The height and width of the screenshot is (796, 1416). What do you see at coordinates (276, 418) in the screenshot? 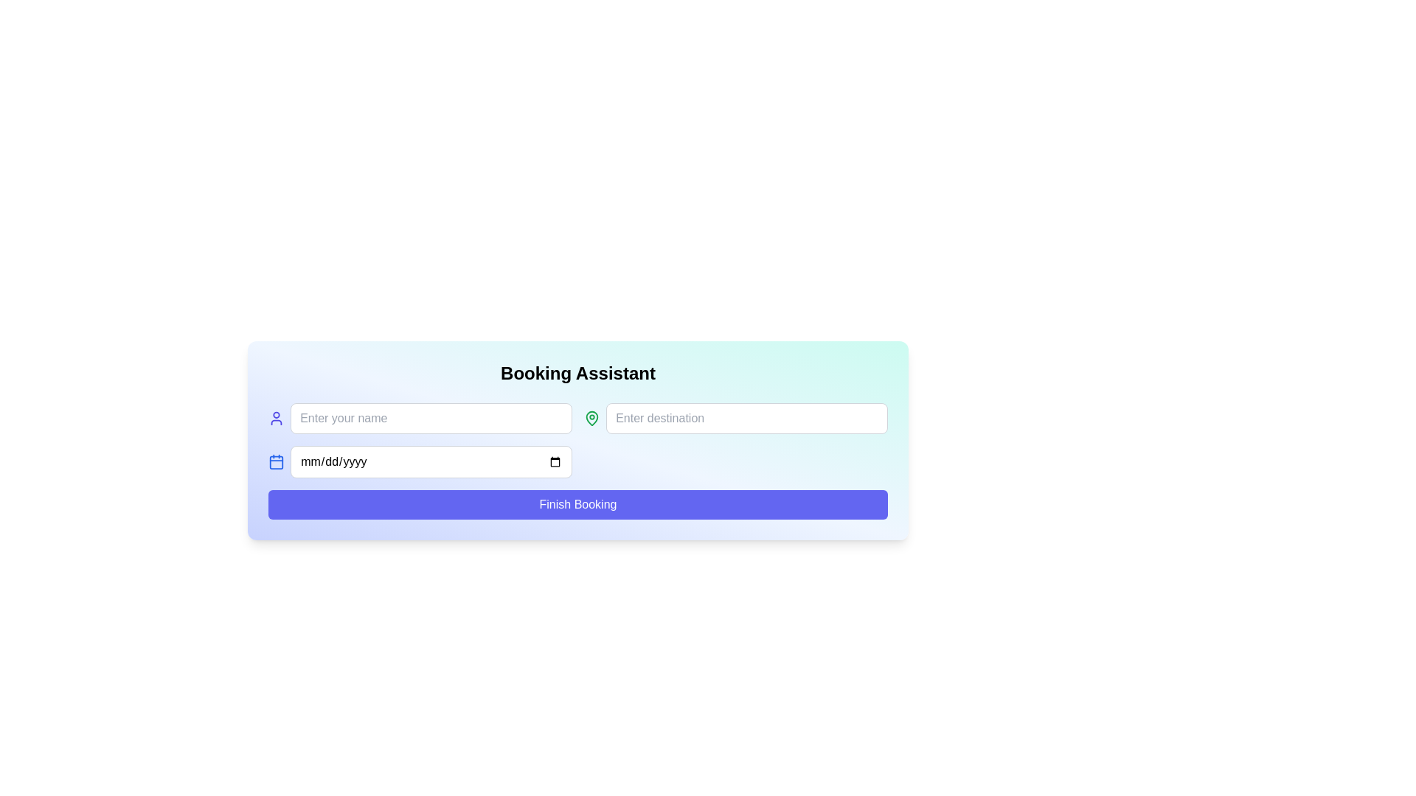
I see `the user icon located to the left side of the 'Enter your name' input box to enhance user interface clarity` at bounding box center [276, 418].